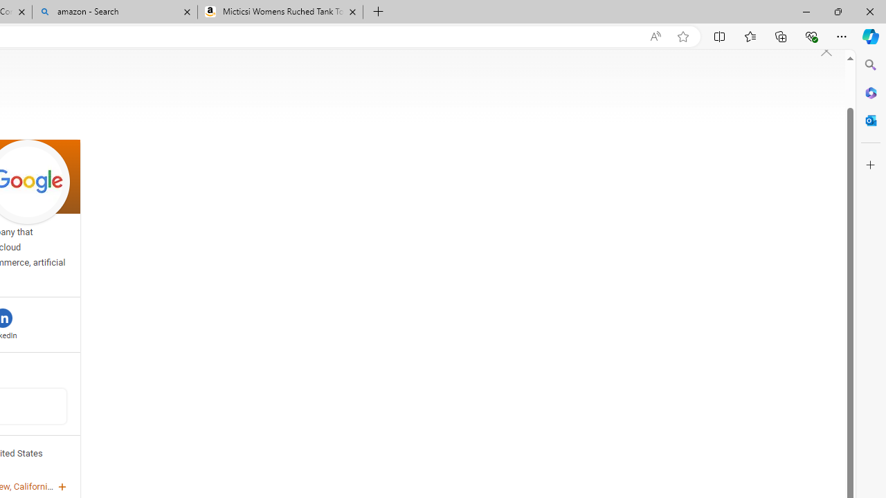 The height and width of the screenshot is (498, 886). What do you see at coordinates (870, 92) in the screenshot?
I see `'Microsoft 365'` at bounding box center [870, 92].